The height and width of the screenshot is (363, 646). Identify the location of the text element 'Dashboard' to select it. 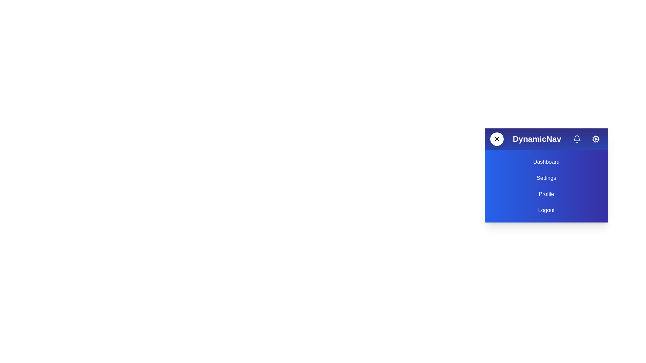
(546, 162).